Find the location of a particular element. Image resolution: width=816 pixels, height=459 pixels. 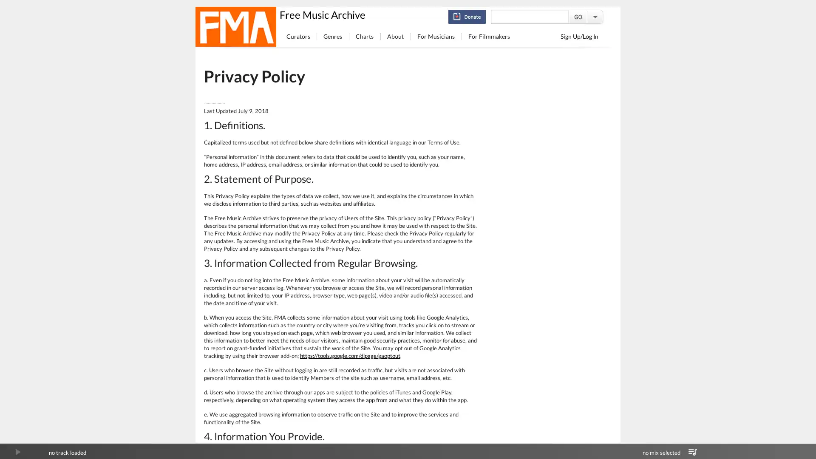

select mix is located at coordinates (692, 452).